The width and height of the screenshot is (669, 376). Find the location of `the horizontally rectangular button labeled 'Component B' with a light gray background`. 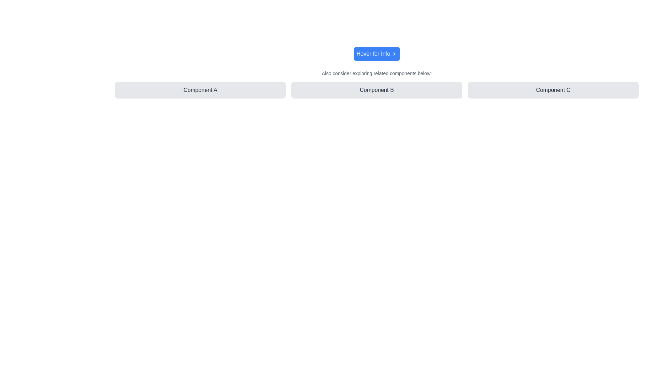

the horizontally rectangular button labeled 'Component B' with a light gray background is located at coordinates (376, 89).